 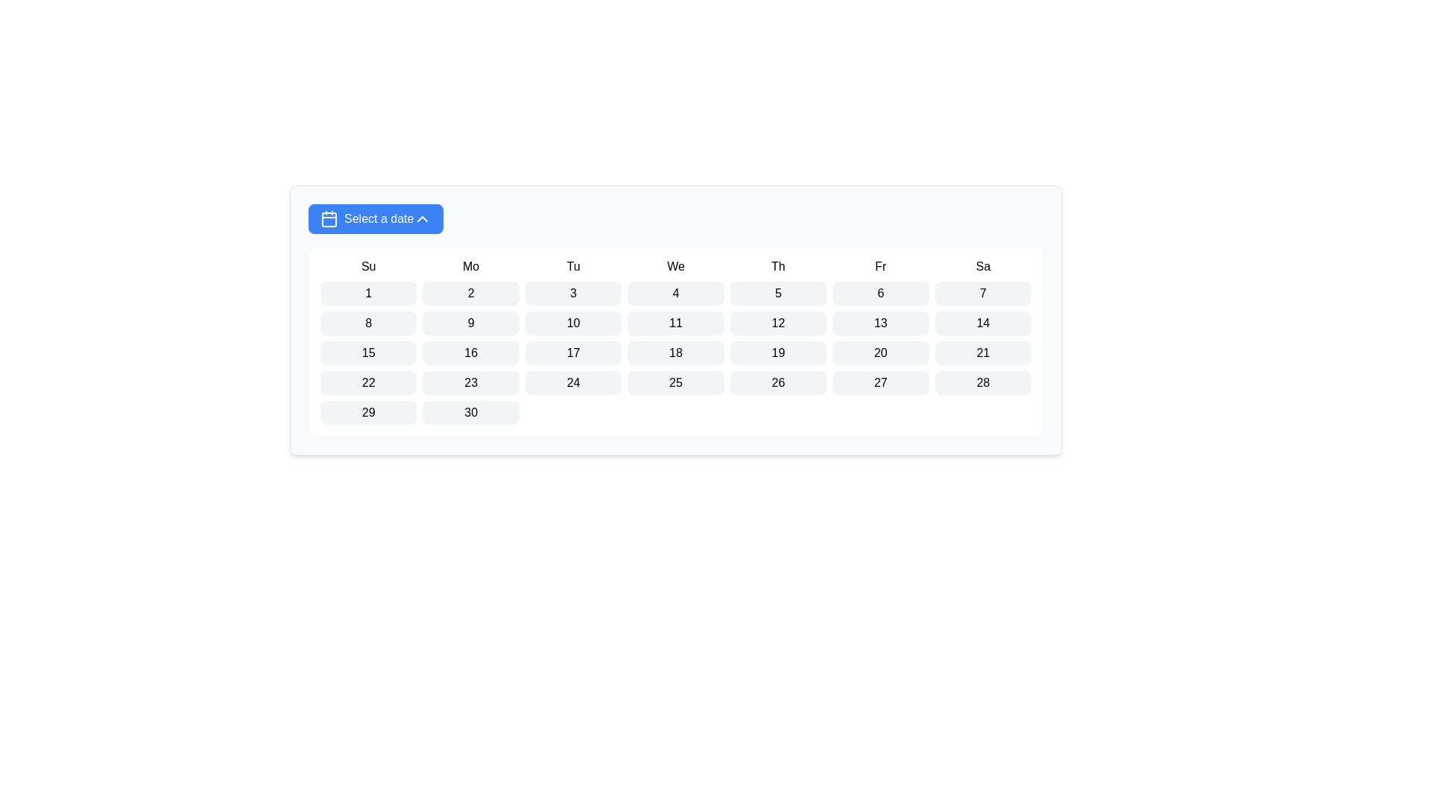 I want to click on the button representing the date '30' in the calendar interface, so click(x=470, y=413).